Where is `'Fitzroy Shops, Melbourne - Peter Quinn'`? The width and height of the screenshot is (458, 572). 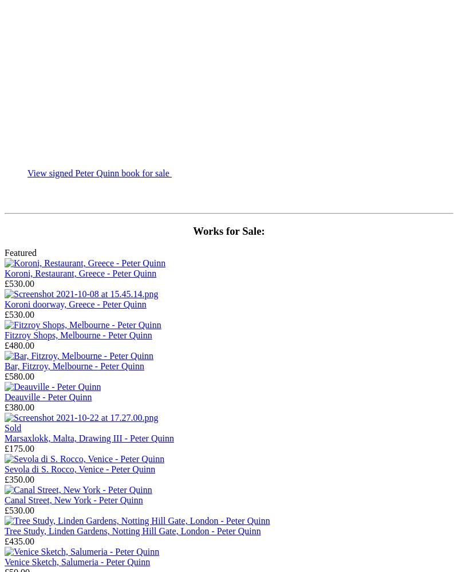
'Fitzroy Shops, Melbourne - Peter Quinn' is located at coordinates (78, 335).